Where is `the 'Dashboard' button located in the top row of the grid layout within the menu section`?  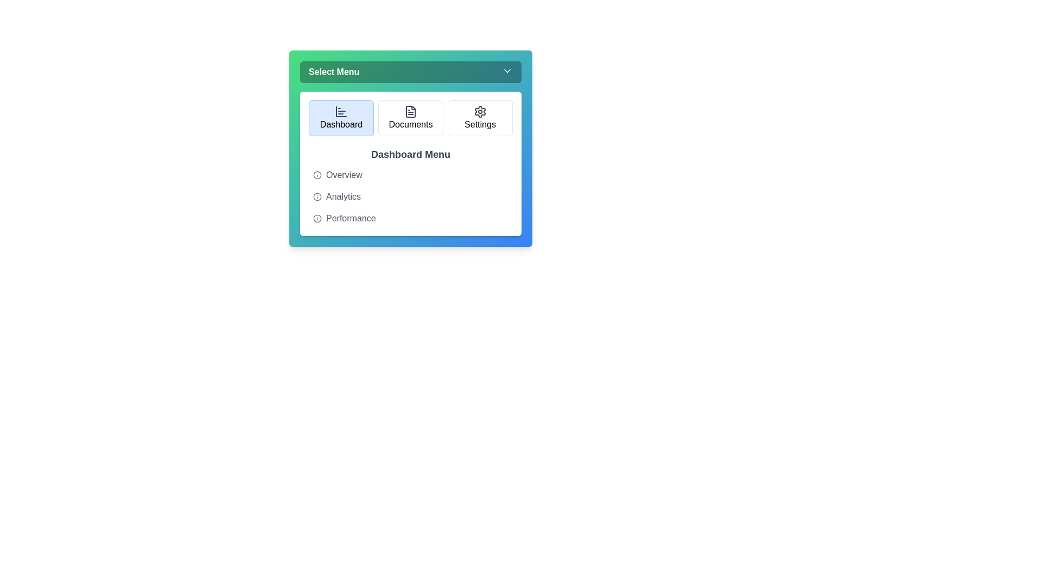 the 'Dashboard' button located in the top row of the grid layout within the menu section is located at coordinates (340, 118).